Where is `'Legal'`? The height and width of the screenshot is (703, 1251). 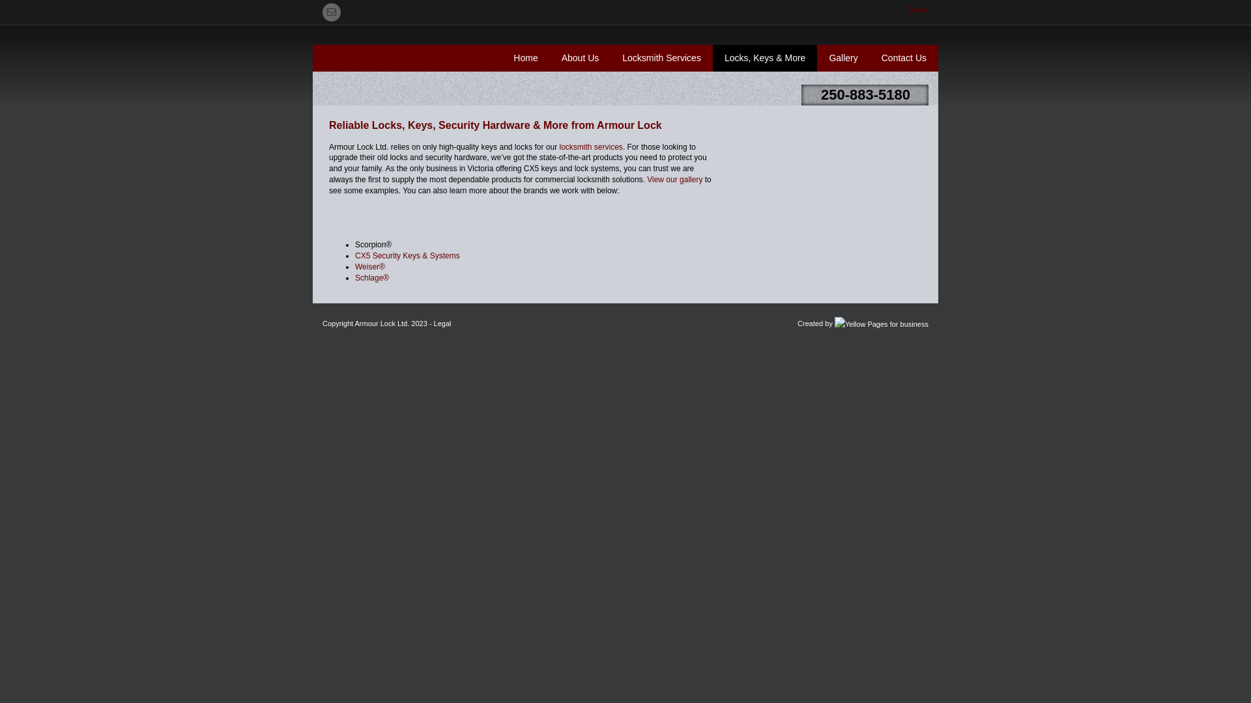 'Legal' is located at coordinates (434, 323).